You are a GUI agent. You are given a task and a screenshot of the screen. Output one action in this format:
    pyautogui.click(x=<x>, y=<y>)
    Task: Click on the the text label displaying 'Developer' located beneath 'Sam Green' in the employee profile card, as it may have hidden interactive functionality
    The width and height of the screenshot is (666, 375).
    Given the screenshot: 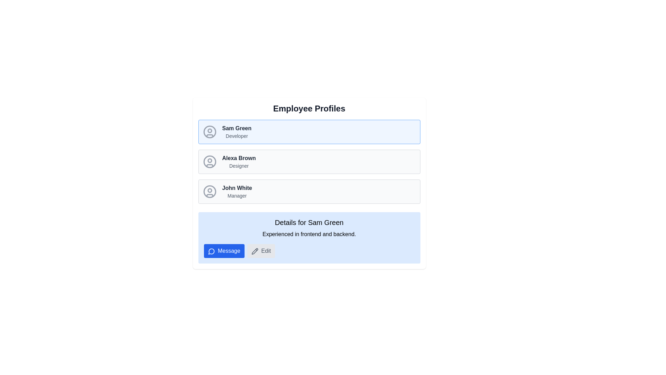 What is the action you would take?
    pyautogui.click(x=237, y=136)
    